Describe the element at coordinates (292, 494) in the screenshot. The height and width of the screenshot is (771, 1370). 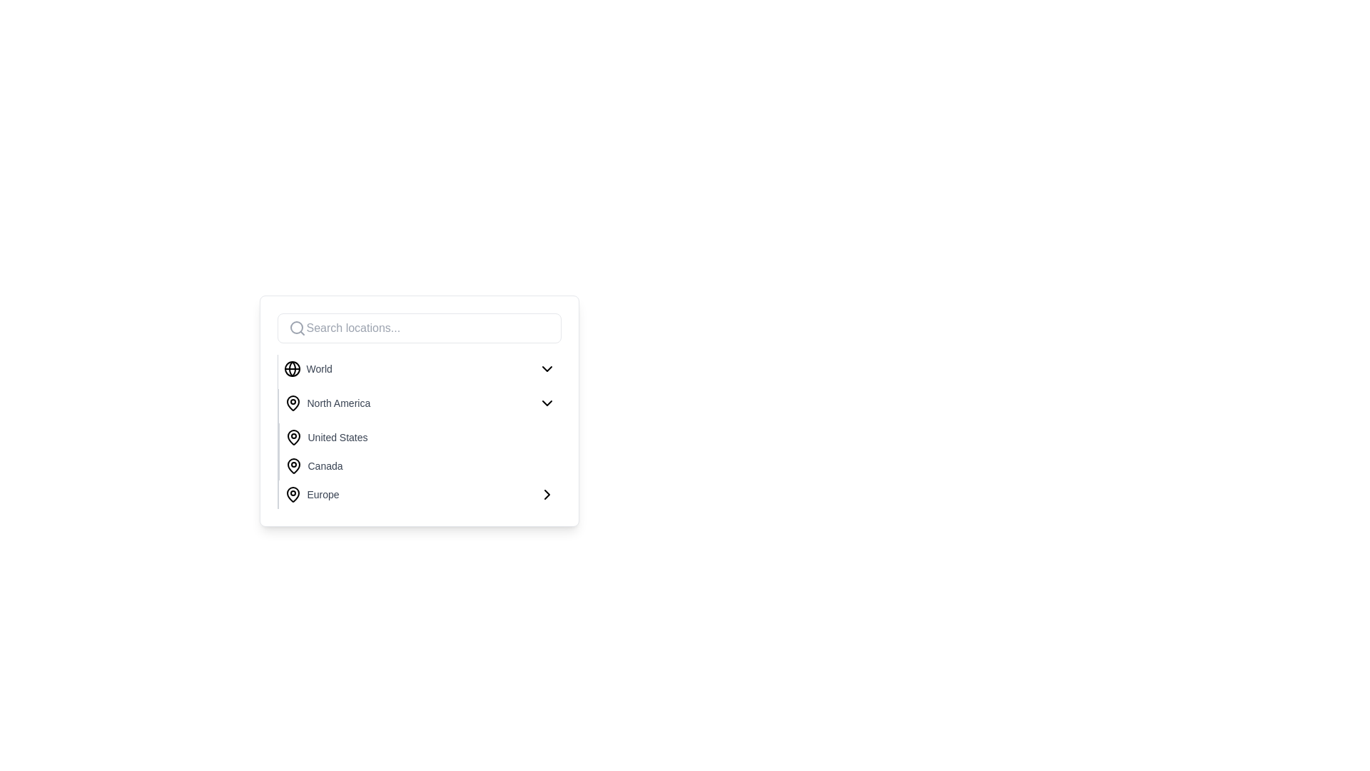
I see `the pin icon resembling a location marker next to the text 'Europe' in the menu list of regions` at that location.